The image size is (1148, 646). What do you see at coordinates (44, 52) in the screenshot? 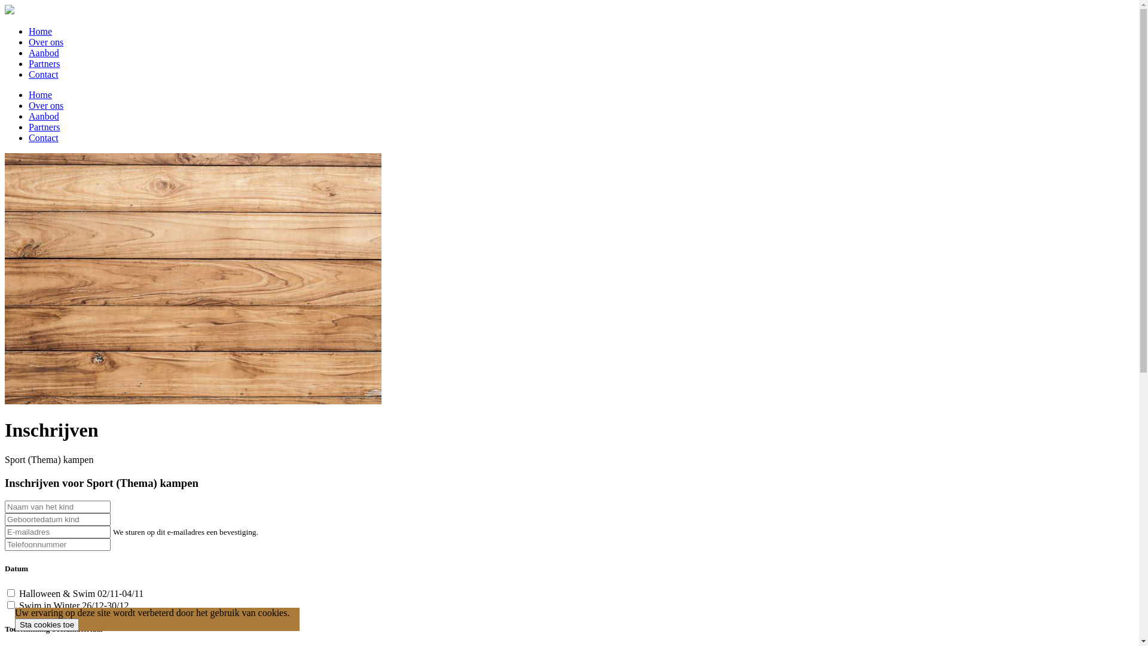
I see `'Aanbod'` at bounding box center [44, 52].